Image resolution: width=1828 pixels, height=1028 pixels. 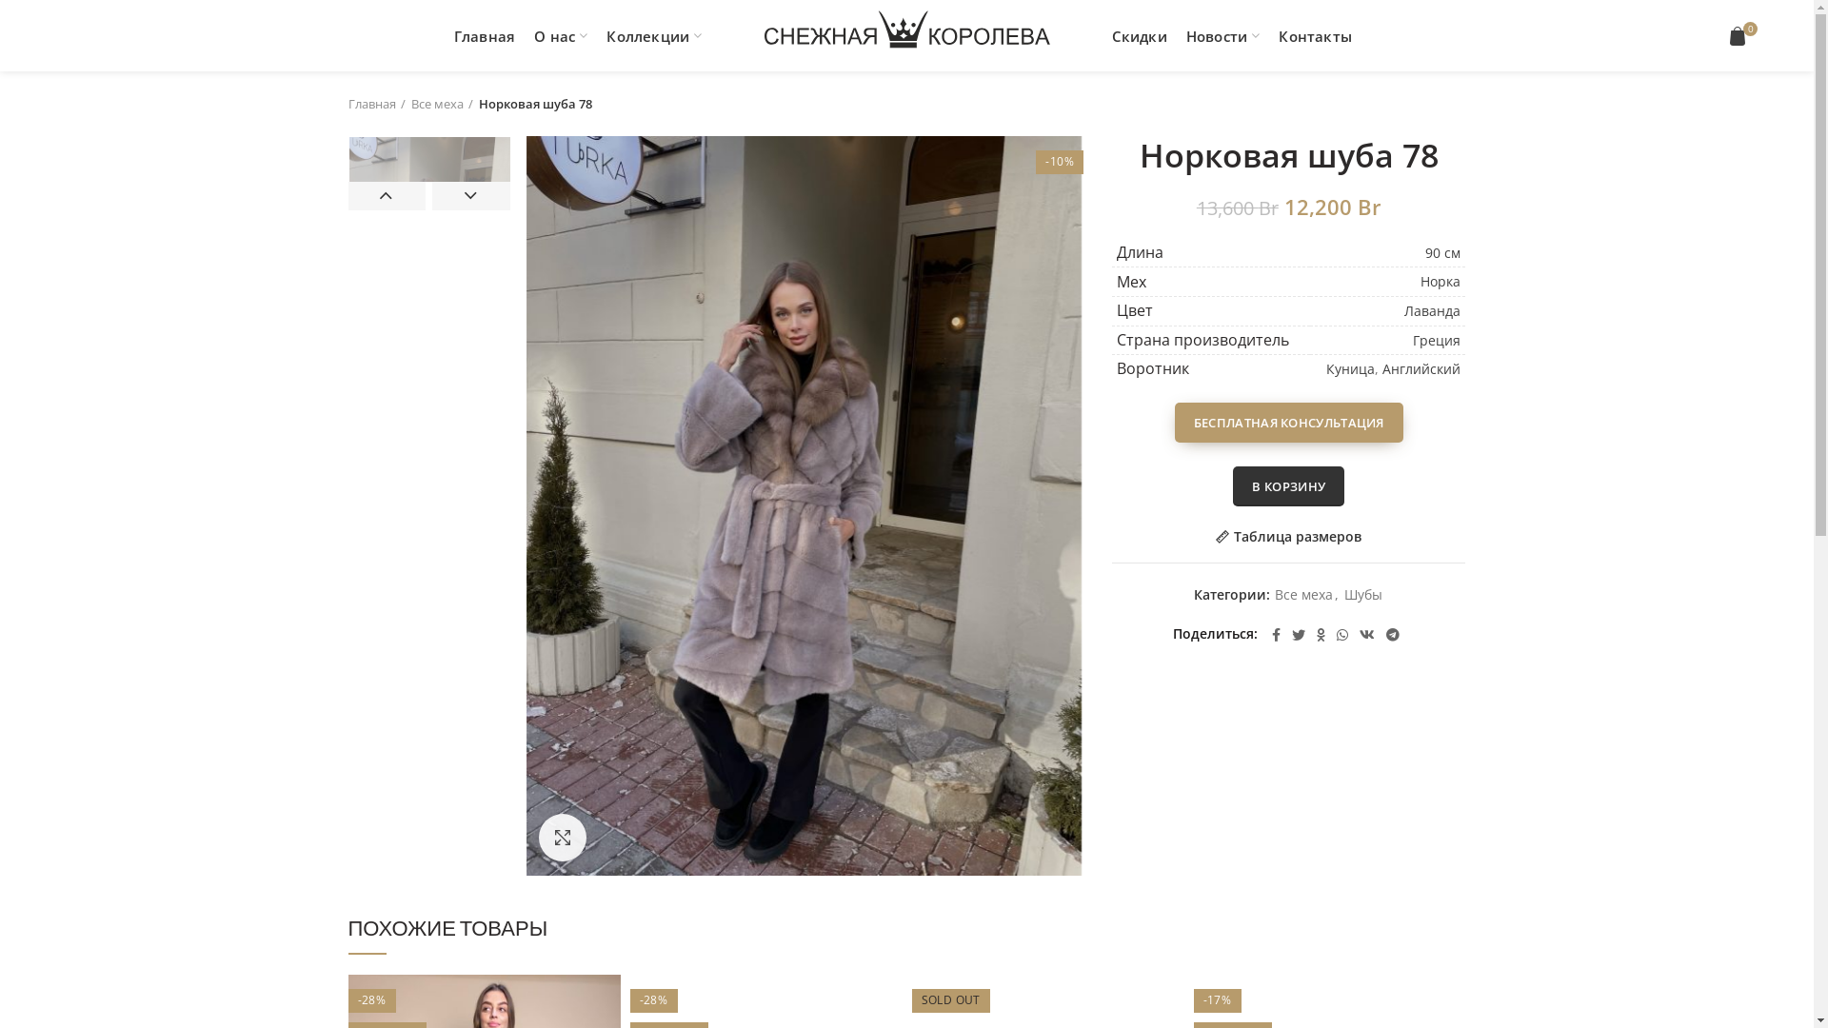 What do you see at coordinates (1297, 635) in the screenshot?
I see `'Twitter'` at bounding box center [1297, 635].